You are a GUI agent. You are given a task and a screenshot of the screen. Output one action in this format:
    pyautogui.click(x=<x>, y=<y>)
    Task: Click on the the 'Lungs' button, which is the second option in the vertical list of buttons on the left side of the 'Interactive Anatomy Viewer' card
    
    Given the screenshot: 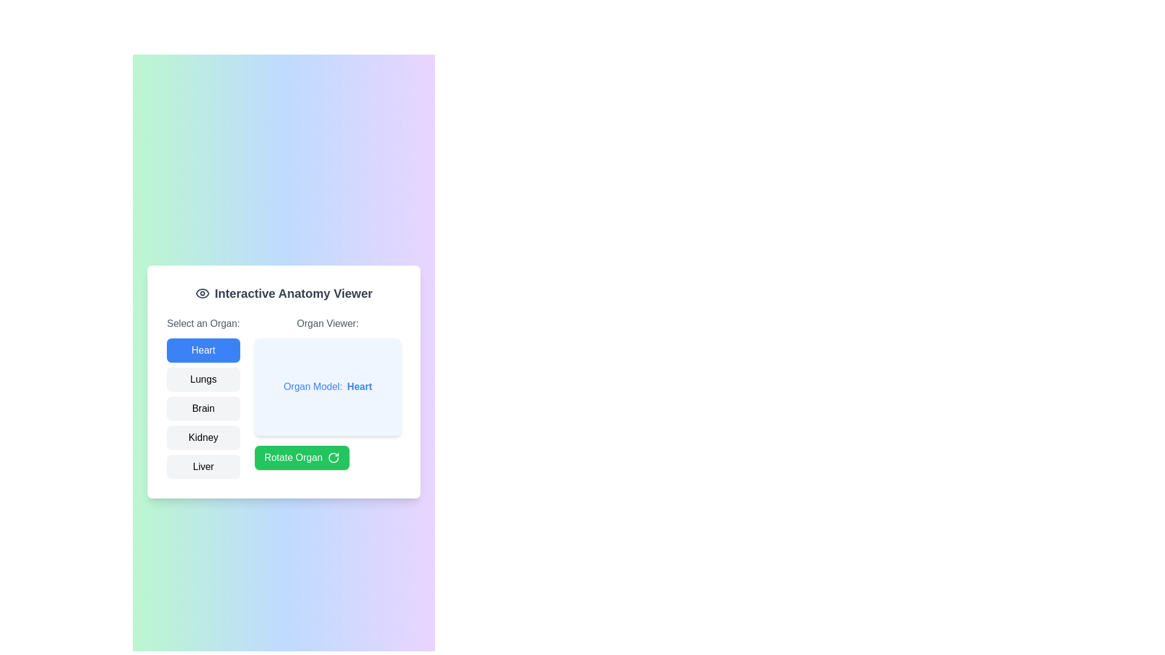 What is the action you would take?
    pyautogui.click(x=203, y=378)
    